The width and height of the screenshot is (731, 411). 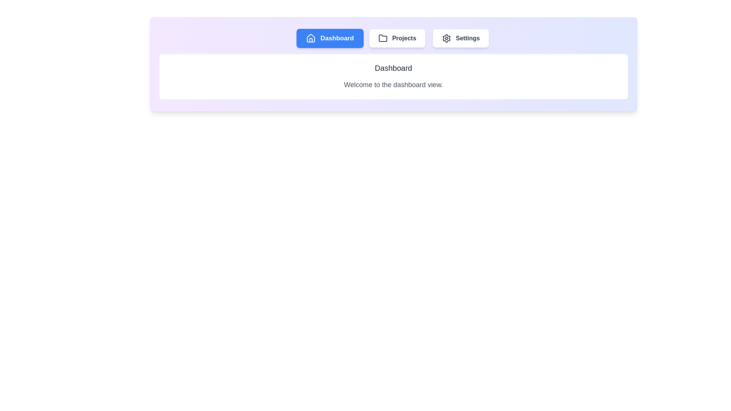 I want to click on the Settings tab to view its content, so click(x=460, y=38).